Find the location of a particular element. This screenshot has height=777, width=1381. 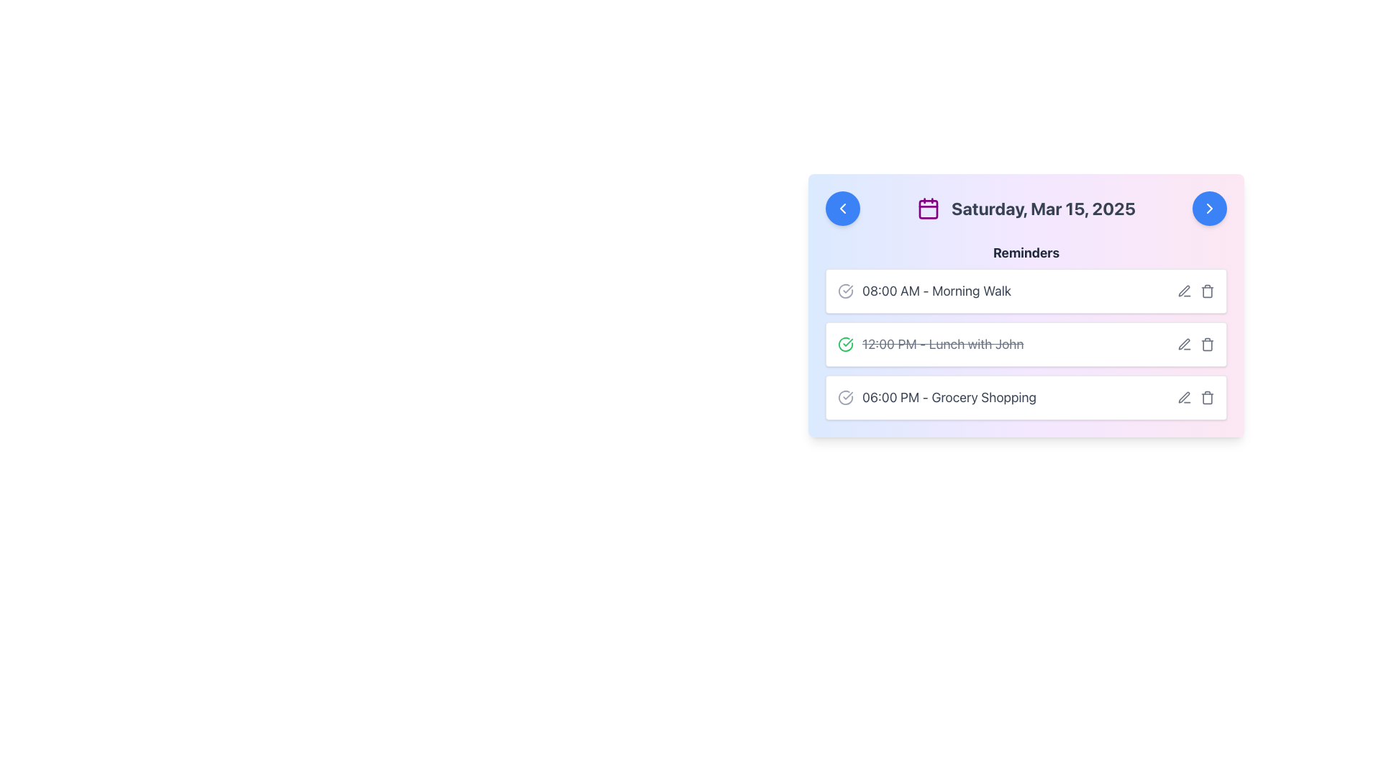

the task completion icon located centrally inside the green circular graphic for the 'Lunch with John' reminder to get more information is located at coordinates (848, 342).